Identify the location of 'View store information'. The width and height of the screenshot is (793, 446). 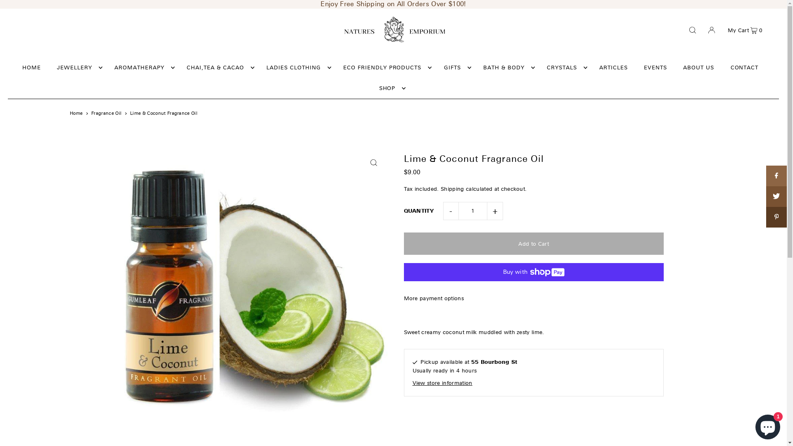
(412, 383).